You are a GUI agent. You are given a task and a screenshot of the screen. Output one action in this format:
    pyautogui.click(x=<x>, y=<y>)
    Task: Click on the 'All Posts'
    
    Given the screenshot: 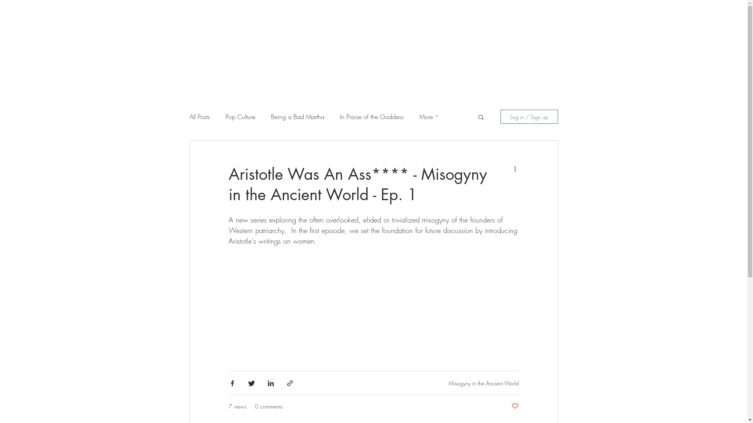 What is the action you would take?
    pyautogui.click(x=199, y=116)
    